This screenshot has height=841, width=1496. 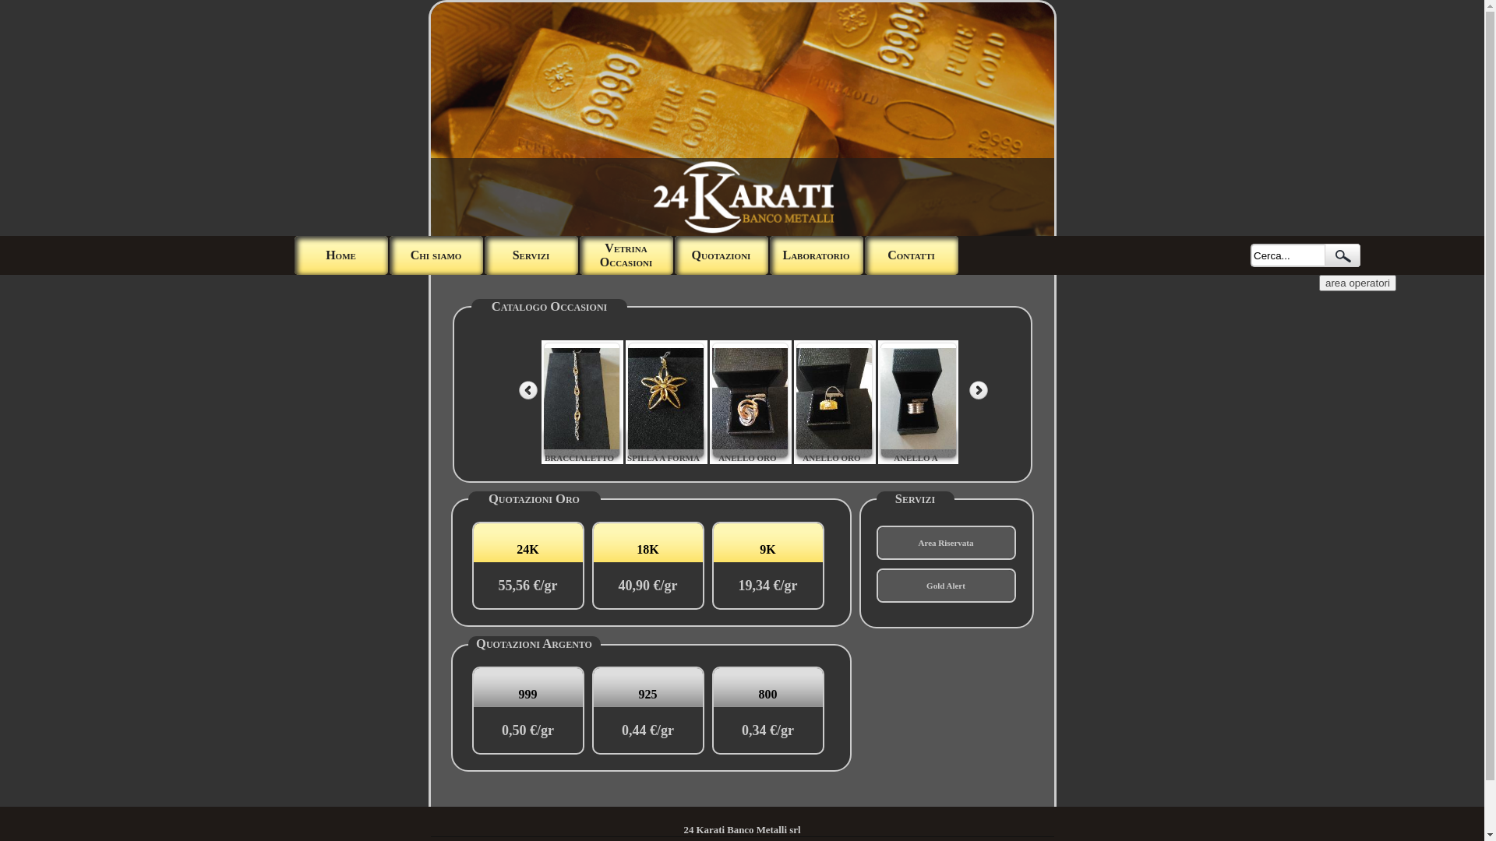 I want to click on 'area operatori', so click(x=1357, y=283).